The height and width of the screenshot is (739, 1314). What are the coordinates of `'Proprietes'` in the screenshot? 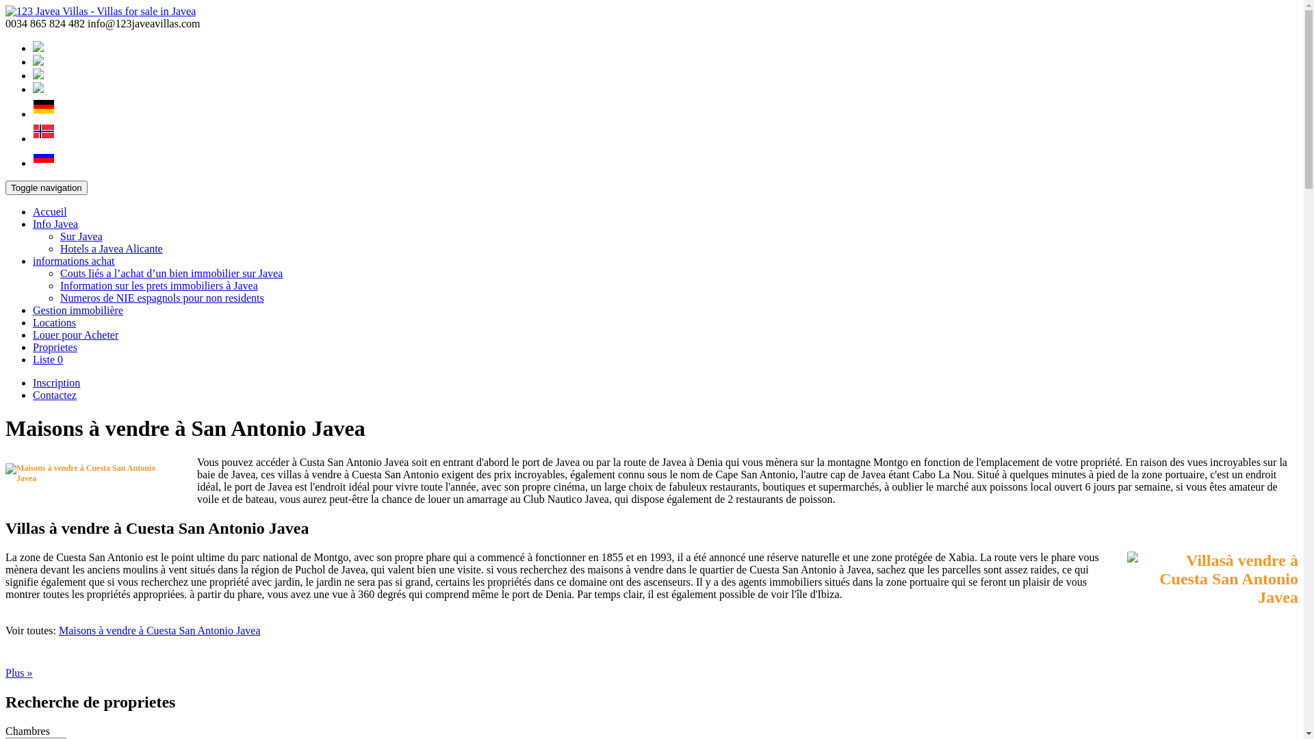 It's located at (55, 346).